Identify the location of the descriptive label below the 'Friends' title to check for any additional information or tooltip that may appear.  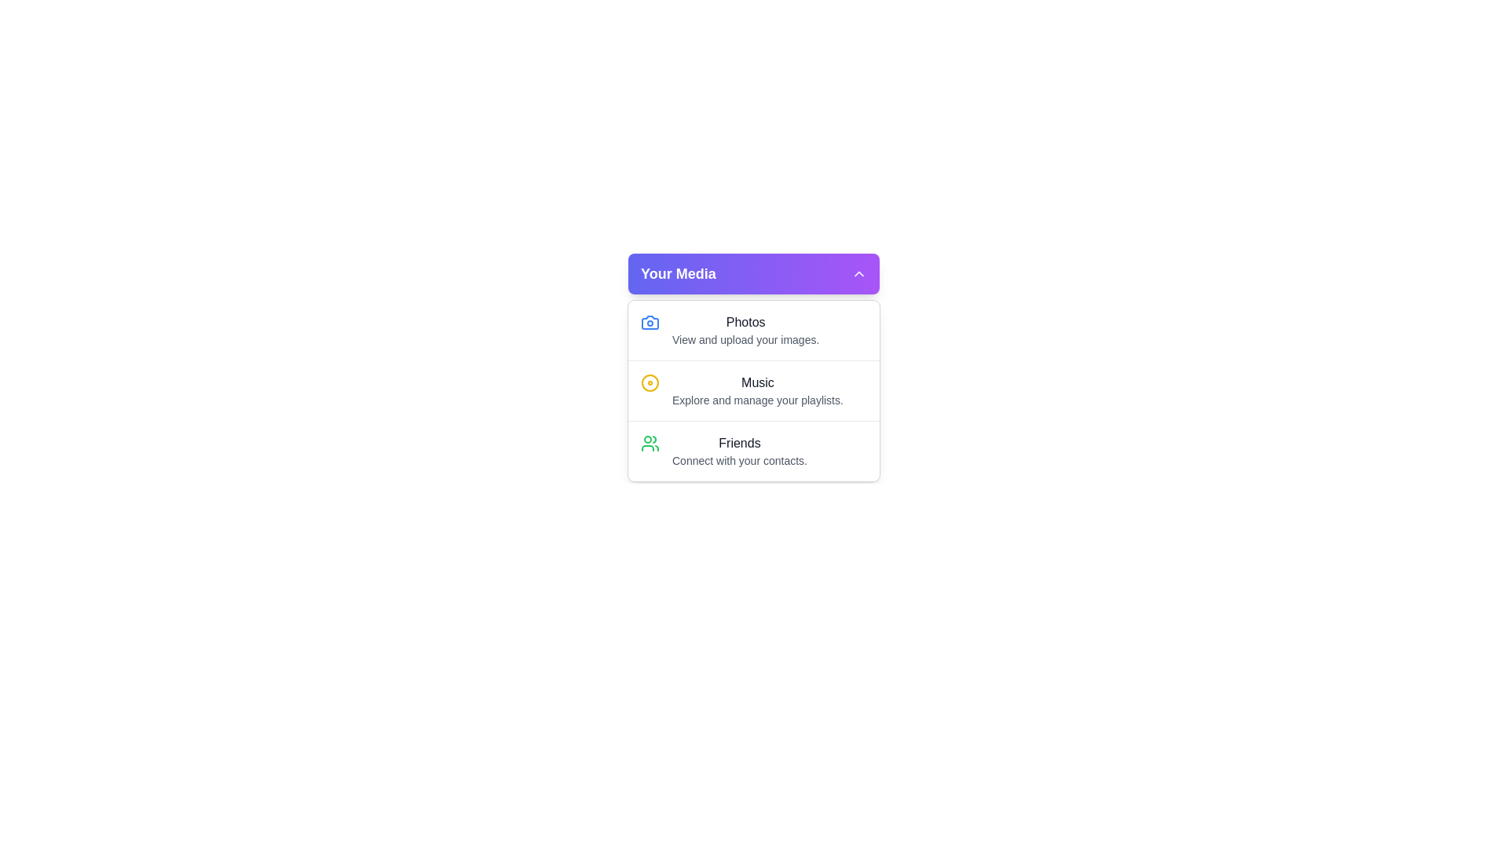
(738, 459).